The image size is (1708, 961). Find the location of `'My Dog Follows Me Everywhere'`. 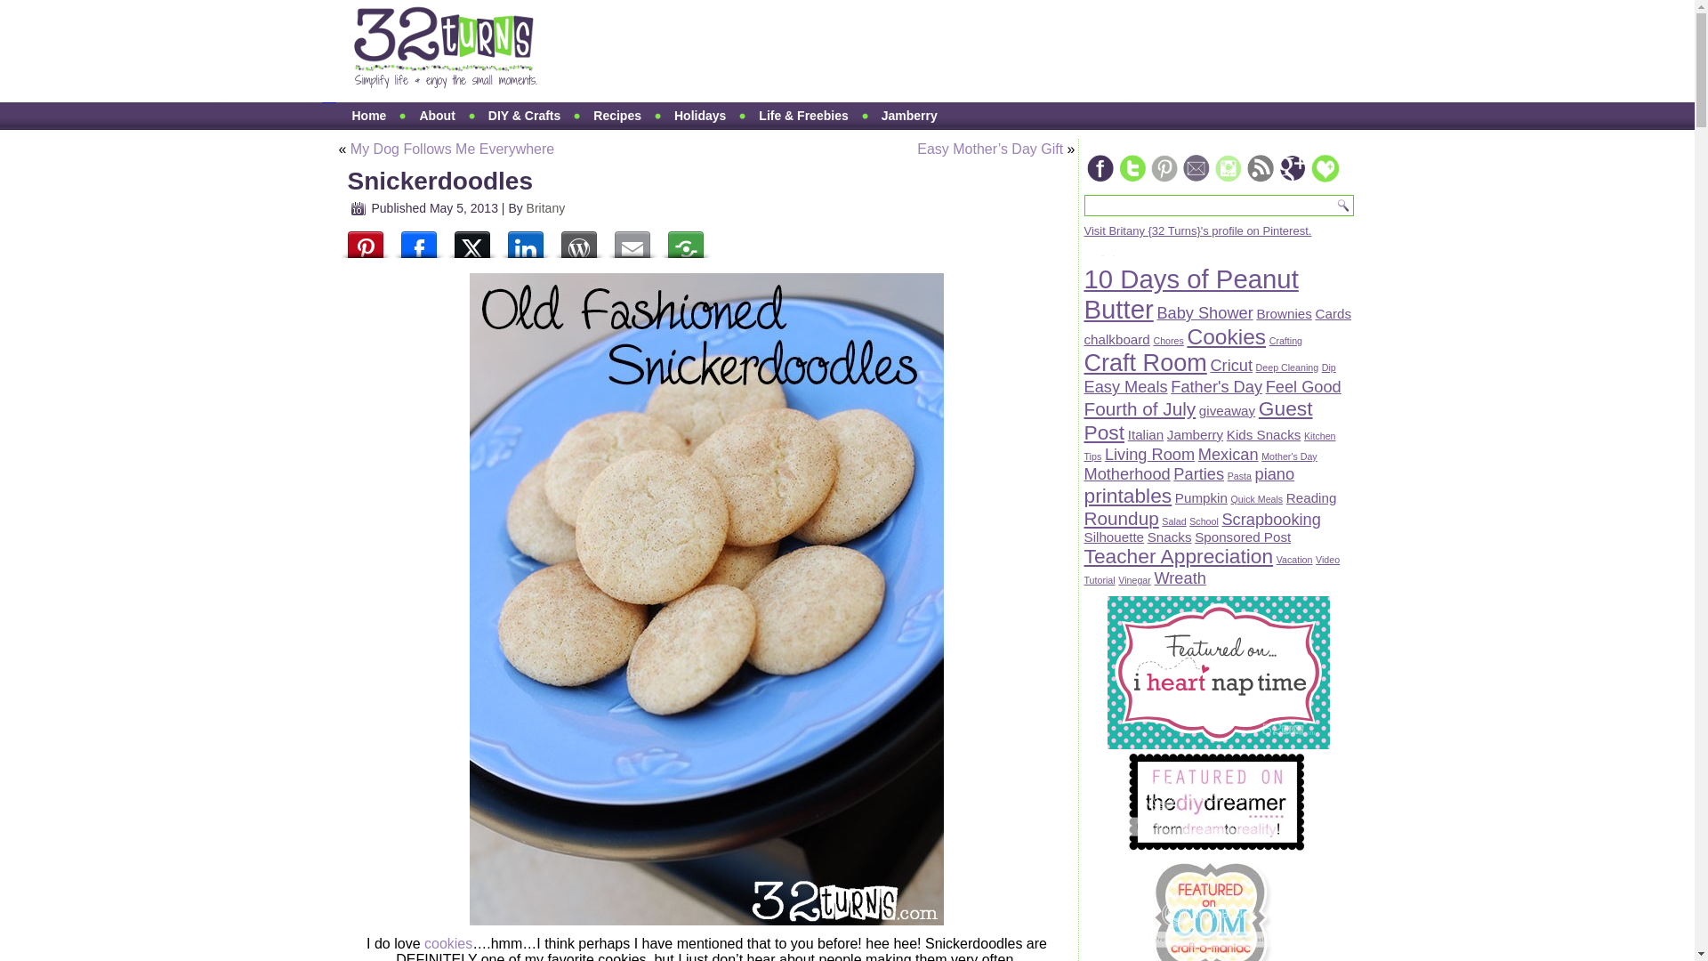

'My Dog Follows Me Everywhere' is located at coordinates (350, 148).